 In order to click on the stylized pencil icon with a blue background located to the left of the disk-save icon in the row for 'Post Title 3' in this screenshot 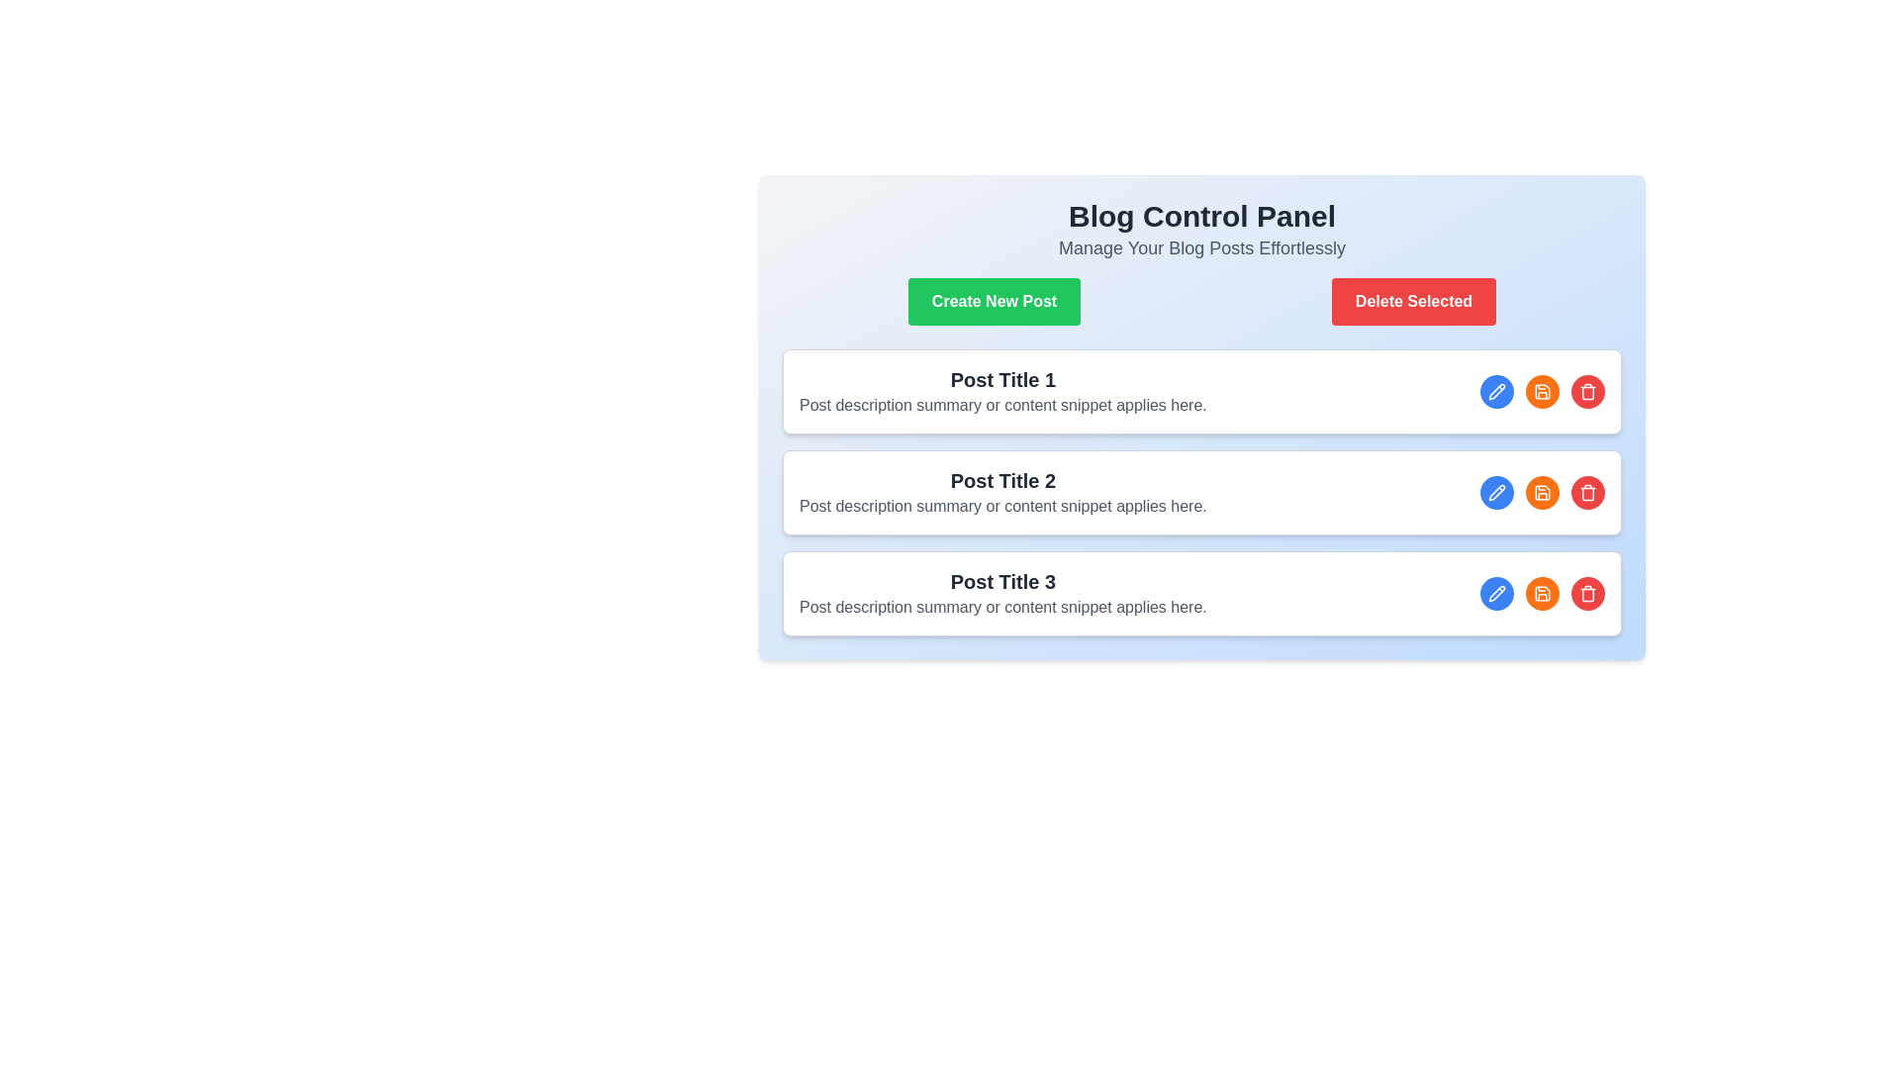, I will do `click(1496, 591)`.